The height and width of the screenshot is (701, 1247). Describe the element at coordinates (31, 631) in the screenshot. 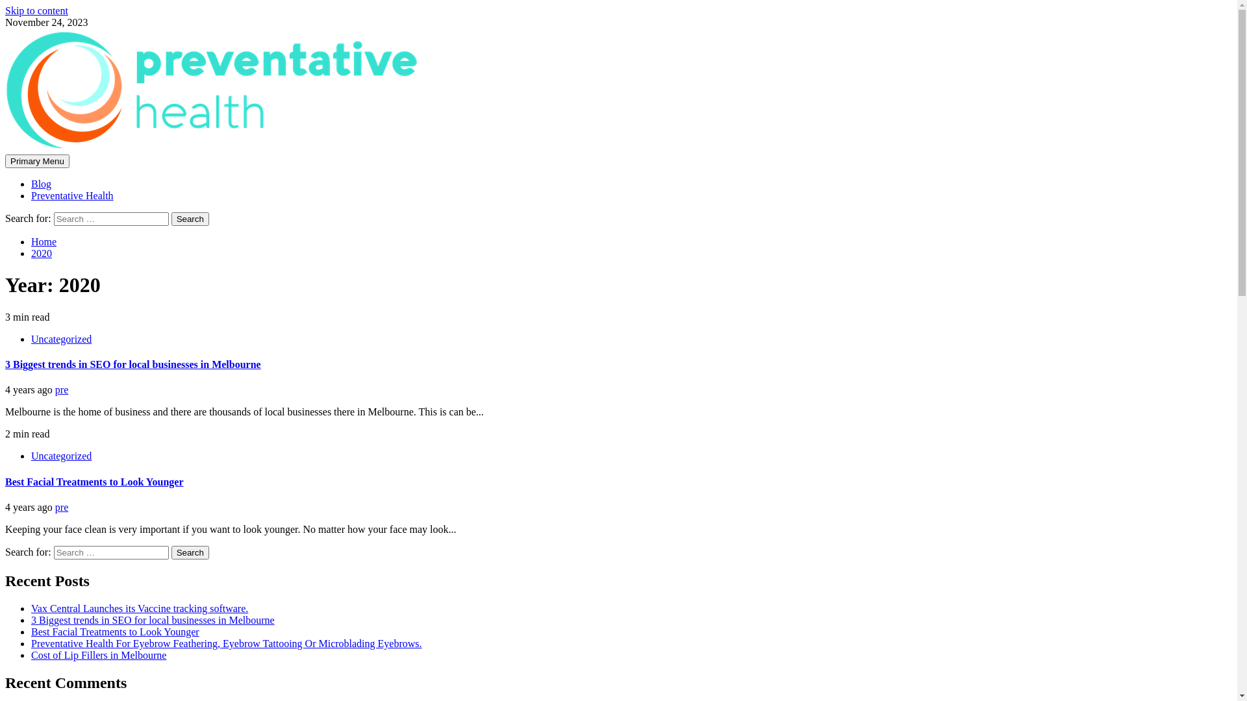

I see `'Best Facial Treatments to Look Younger'` at that location.